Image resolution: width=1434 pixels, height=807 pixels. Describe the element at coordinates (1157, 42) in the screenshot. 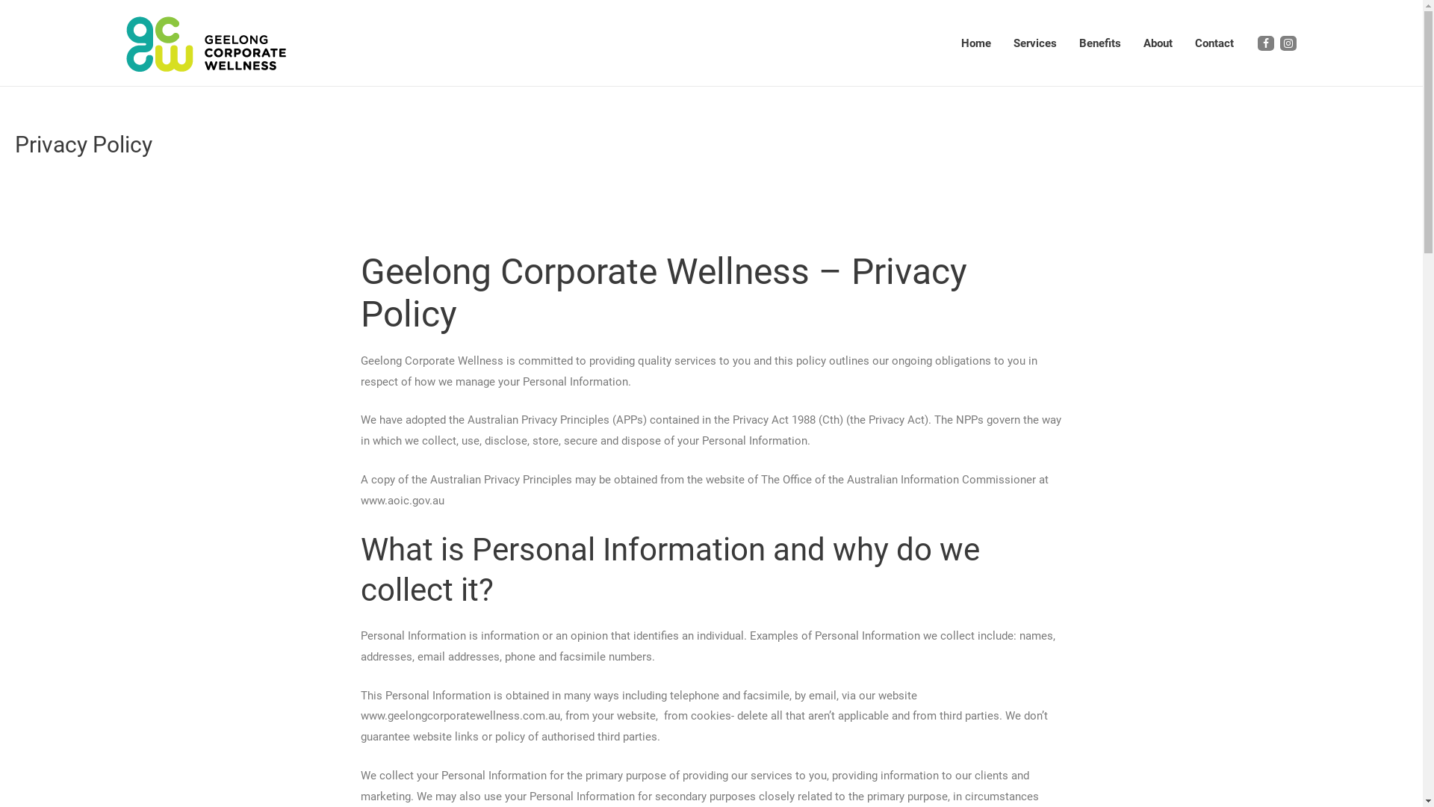

I see `'About'` at that location.